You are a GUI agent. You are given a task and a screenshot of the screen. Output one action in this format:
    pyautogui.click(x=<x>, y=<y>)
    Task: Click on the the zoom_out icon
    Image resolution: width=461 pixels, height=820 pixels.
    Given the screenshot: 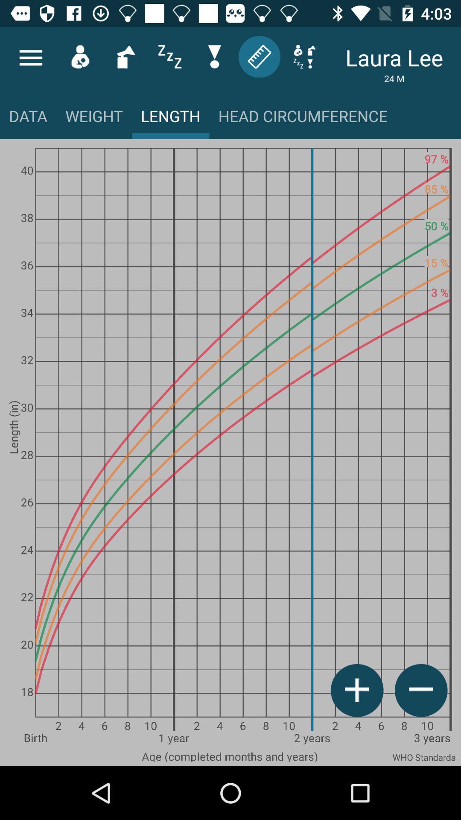 What is the action you would take?
    pyautogui.click(x=420, y=690)
    